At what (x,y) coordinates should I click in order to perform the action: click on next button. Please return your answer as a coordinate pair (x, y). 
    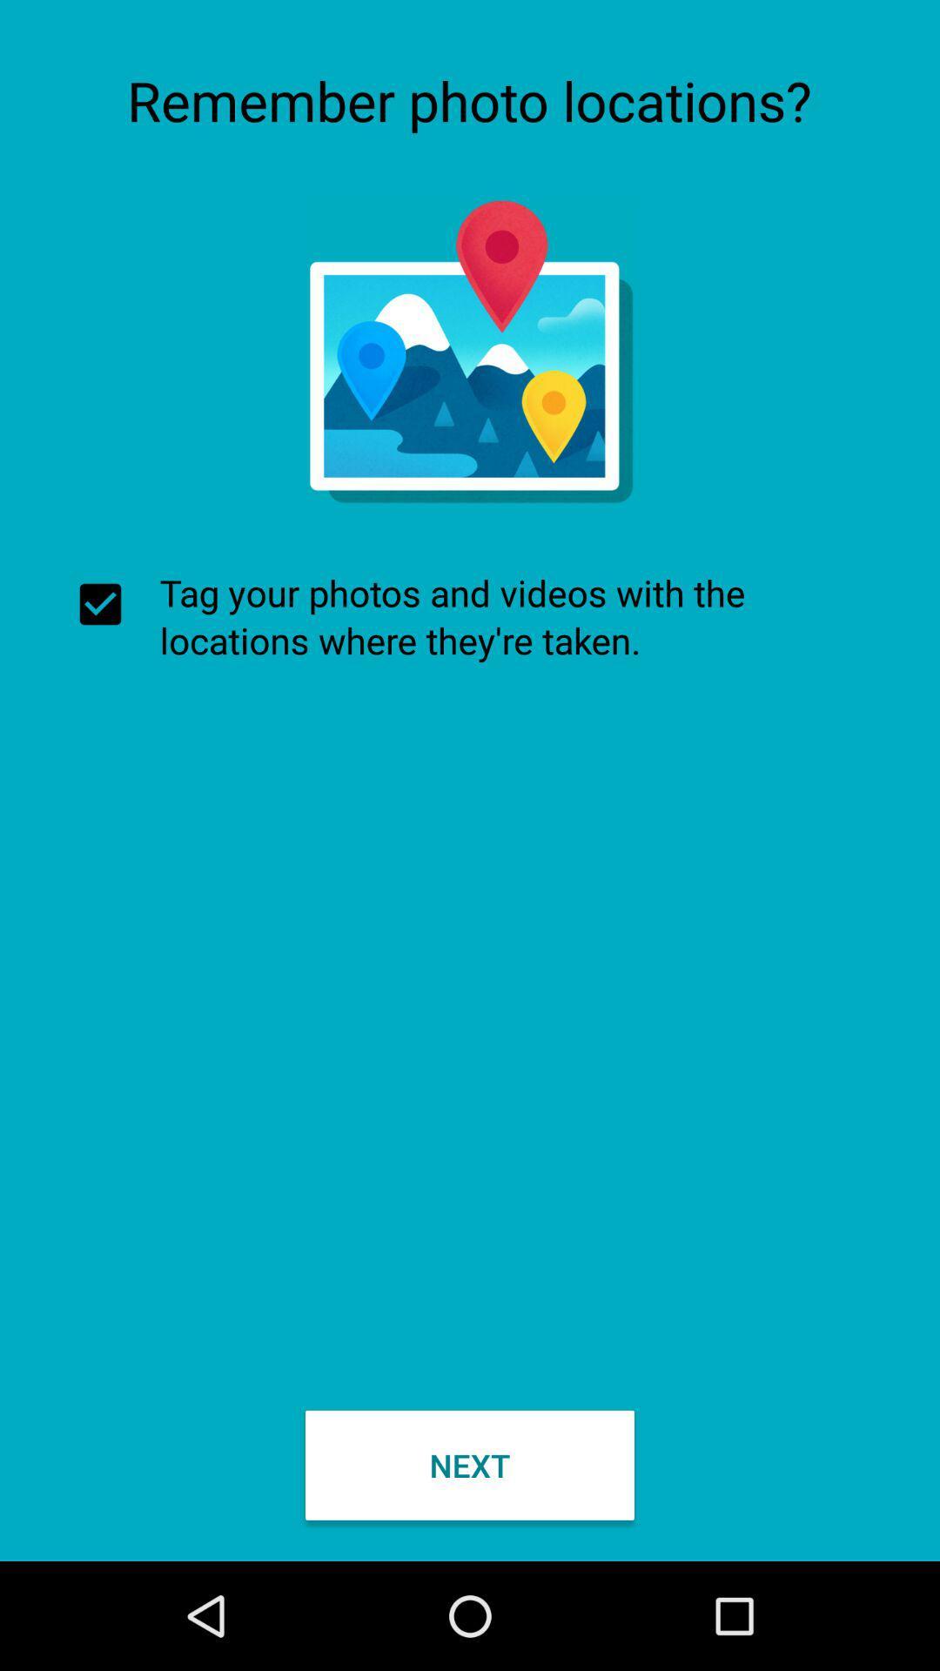
    Looking at the image, I should click on (470, 1464).